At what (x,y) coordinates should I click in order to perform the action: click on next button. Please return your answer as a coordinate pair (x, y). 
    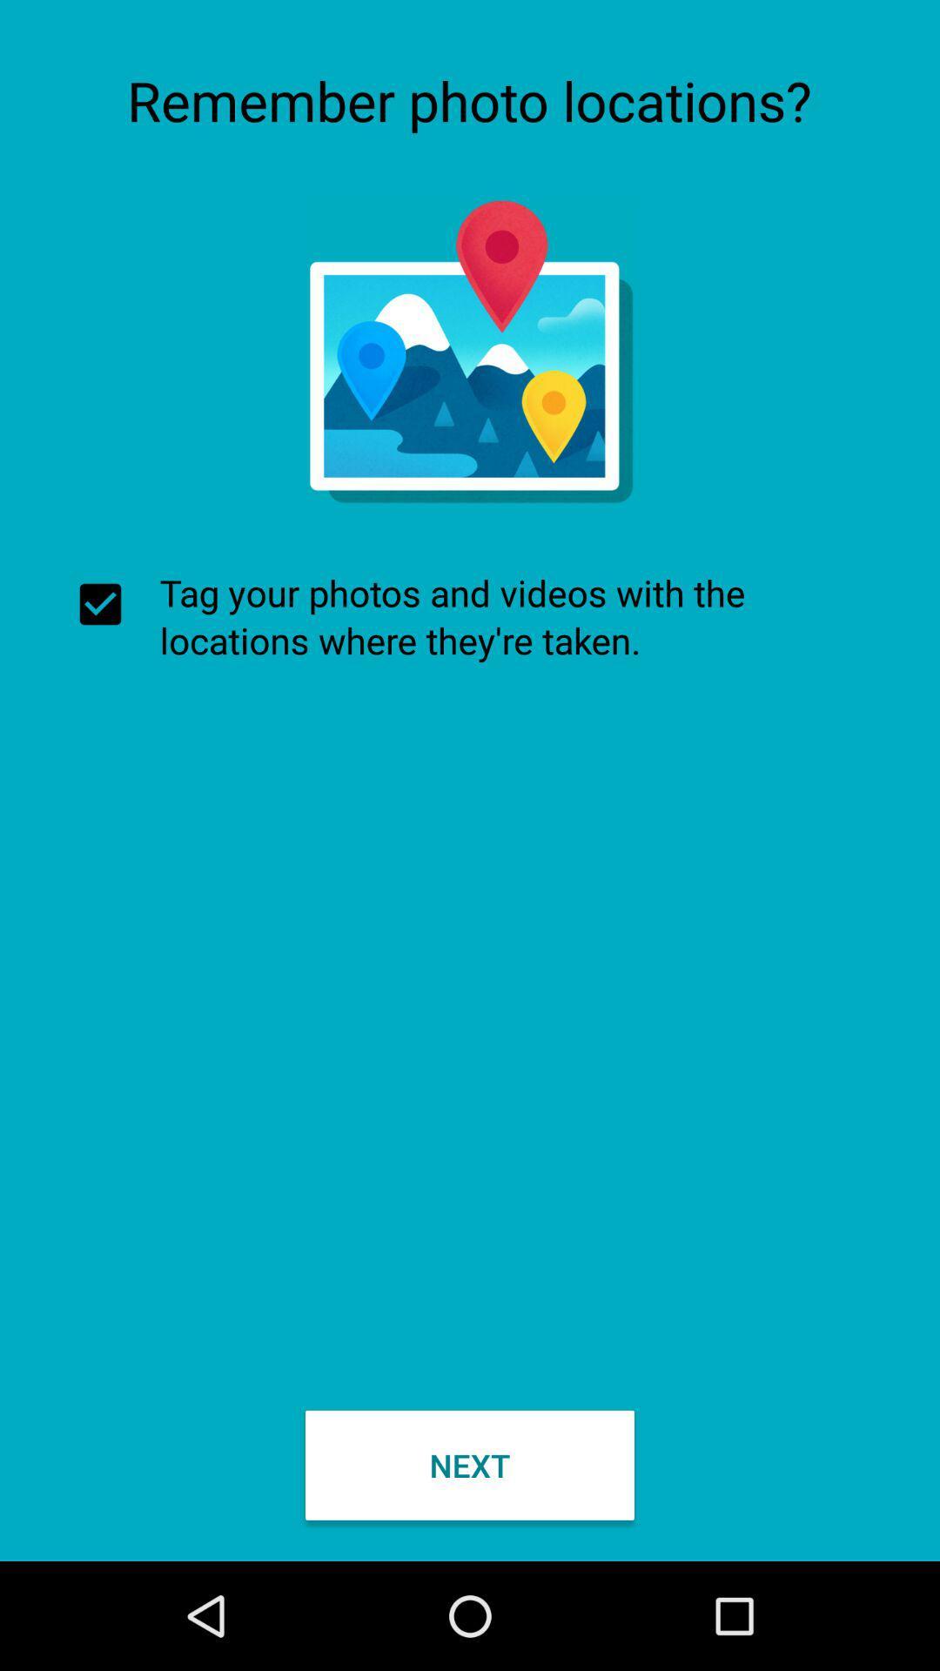
    Looking at the image, I should click on (470, 1464).